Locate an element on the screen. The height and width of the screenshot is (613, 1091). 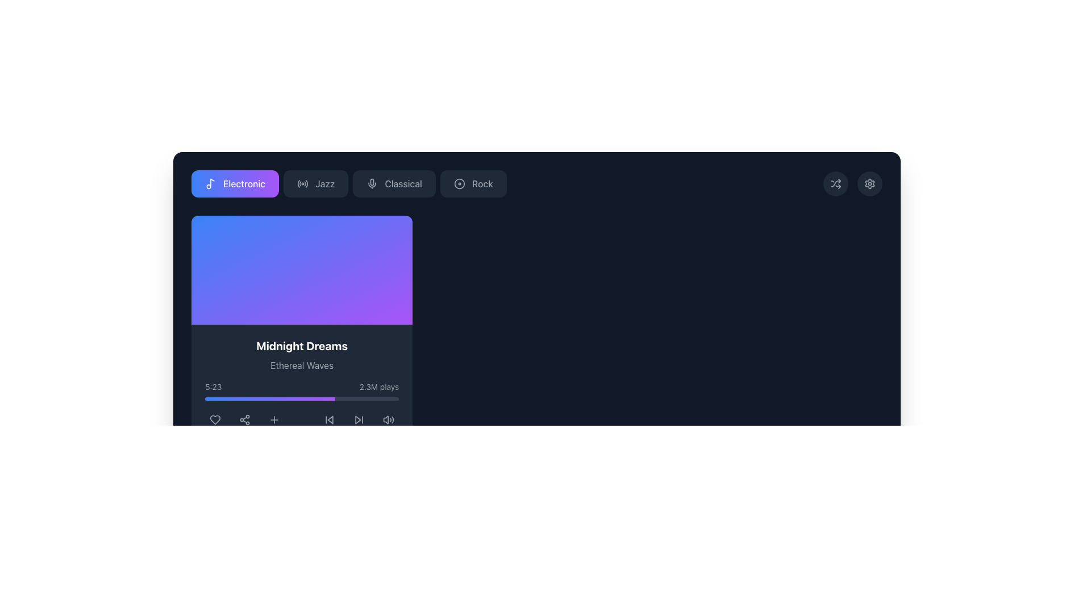
the skip-forward button, which is a small UI component featuring a right-pointing triangle (play icon) and a vertical line is located at coordinates (359, 420).